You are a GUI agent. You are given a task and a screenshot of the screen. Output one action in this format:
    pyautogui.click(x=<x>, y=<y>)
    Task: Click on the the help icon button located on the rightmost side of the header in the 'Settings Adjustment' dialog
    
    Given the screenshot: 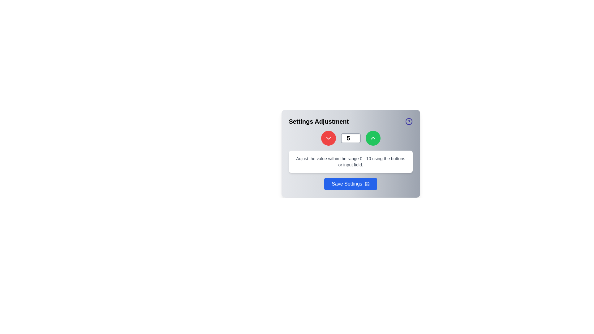 What is the action you would take?
    pyautogui.click(x=409, y=122)
    